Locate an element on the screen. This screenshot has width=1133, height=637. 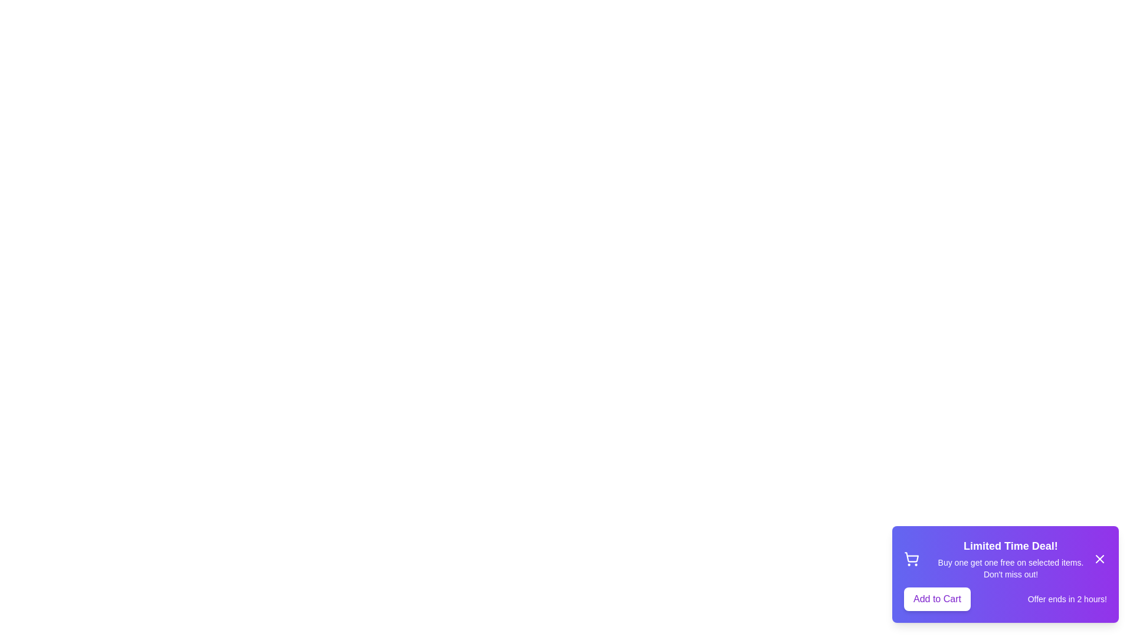
the text content of the promotional snackbar for copying is located at coordinates (1005, 574).